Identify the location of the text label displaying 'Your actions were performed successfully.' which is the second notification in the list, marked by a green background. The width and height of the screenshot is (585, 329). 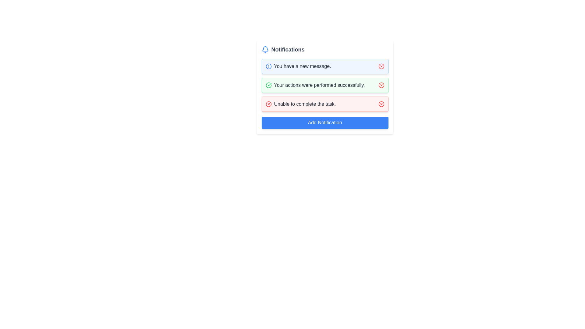
(319, 85).